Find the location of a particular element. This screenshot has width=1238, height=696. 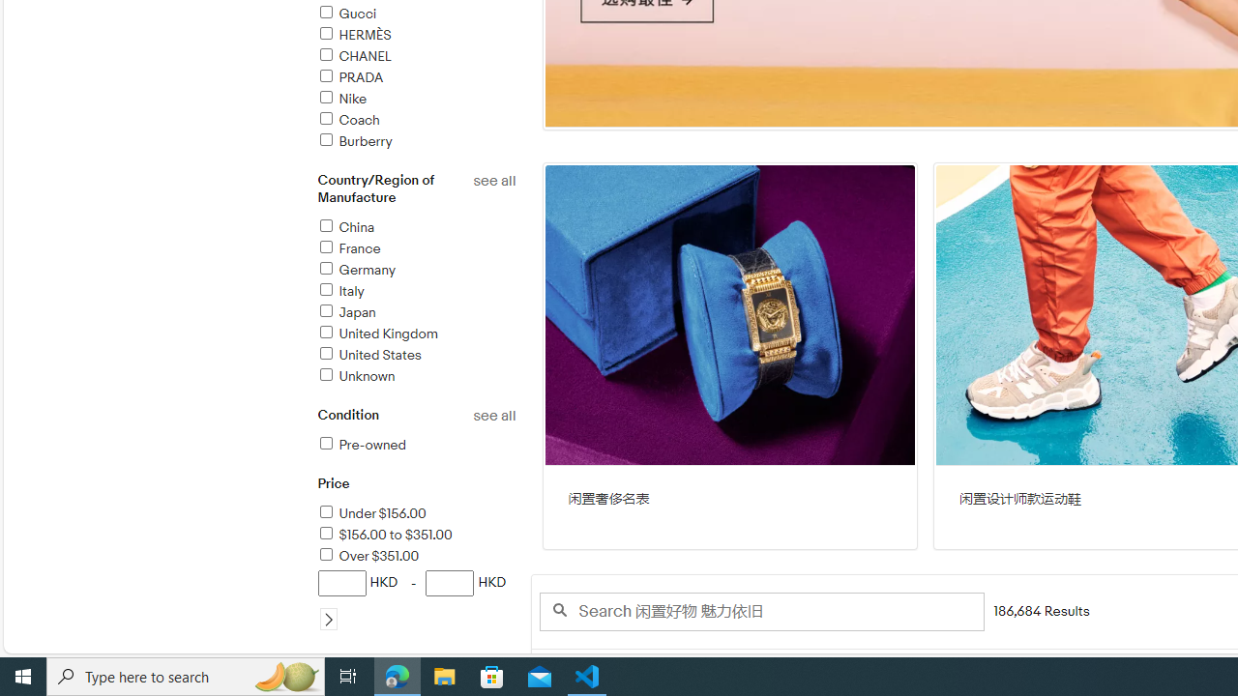

'See all country/region of manufacture refinements' is located at coordinates (494, 181).